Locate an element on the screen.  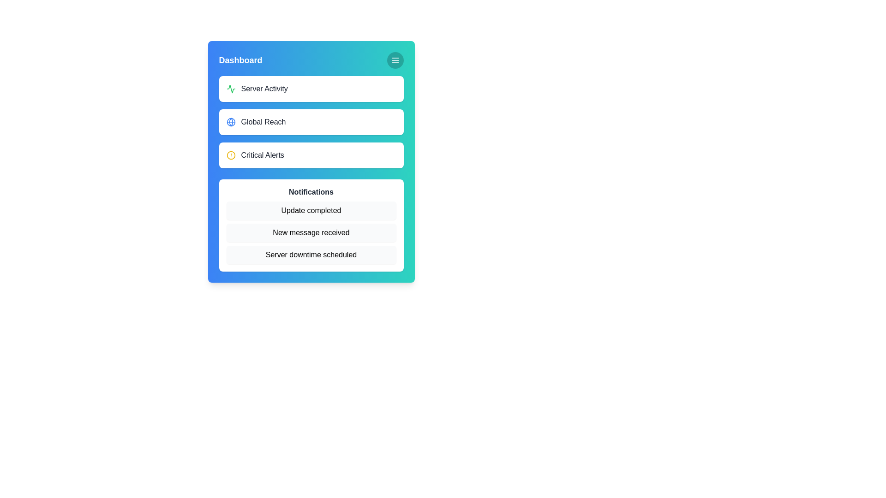
the SVG Circle with a yellow border, which is positioned next to the 'Critical Alerts' text in the menu-style list interface is located at coordinates (231, 154).